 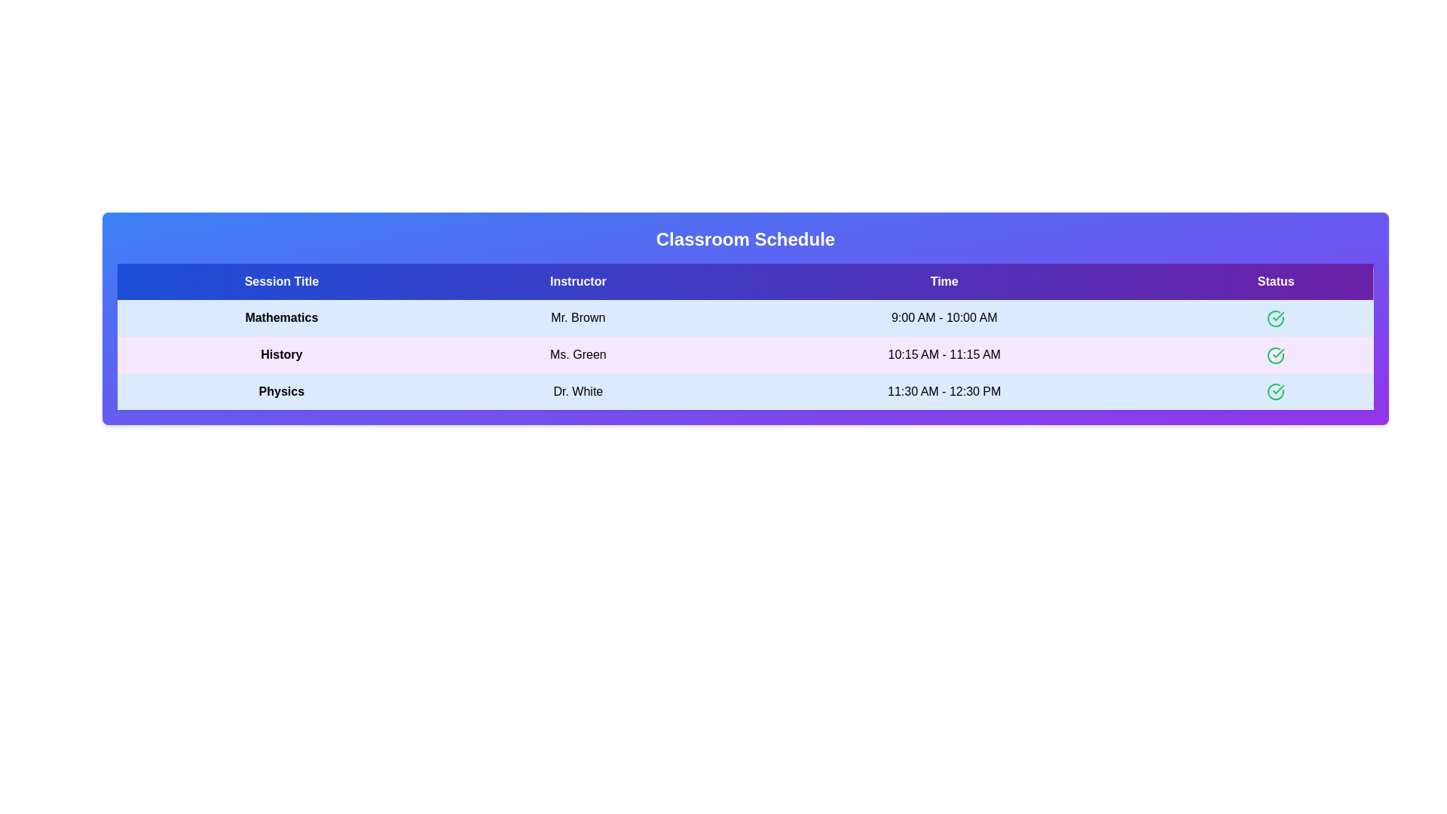 What do you see at coordinates (281, 317) in the screenshot?
I see `the text element Mathematics to select or copy its content` at bounding box center [281, 317].